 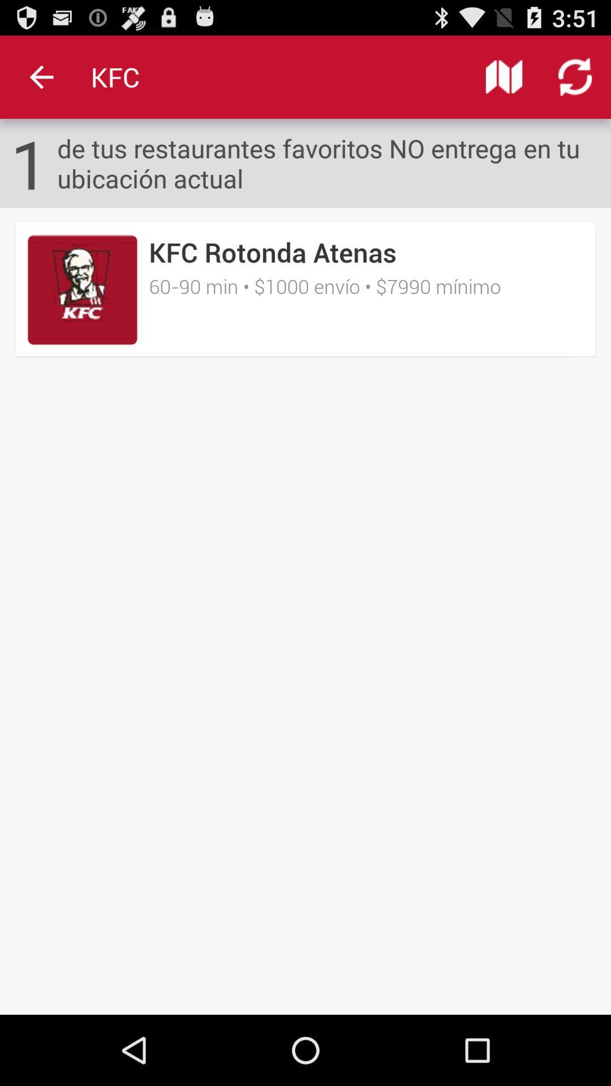 I want to click on de tus restaurantes item, so click(x=333, y=162).